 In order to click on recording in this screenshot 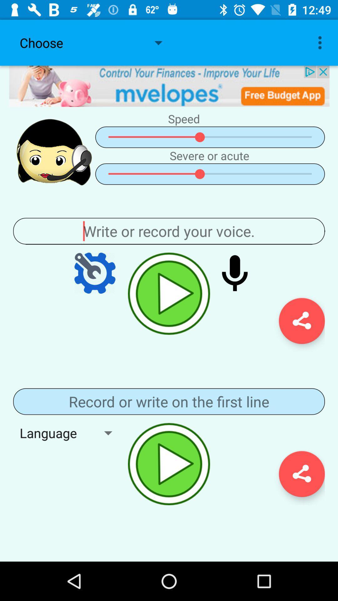, I will do `click(169, 293)`.